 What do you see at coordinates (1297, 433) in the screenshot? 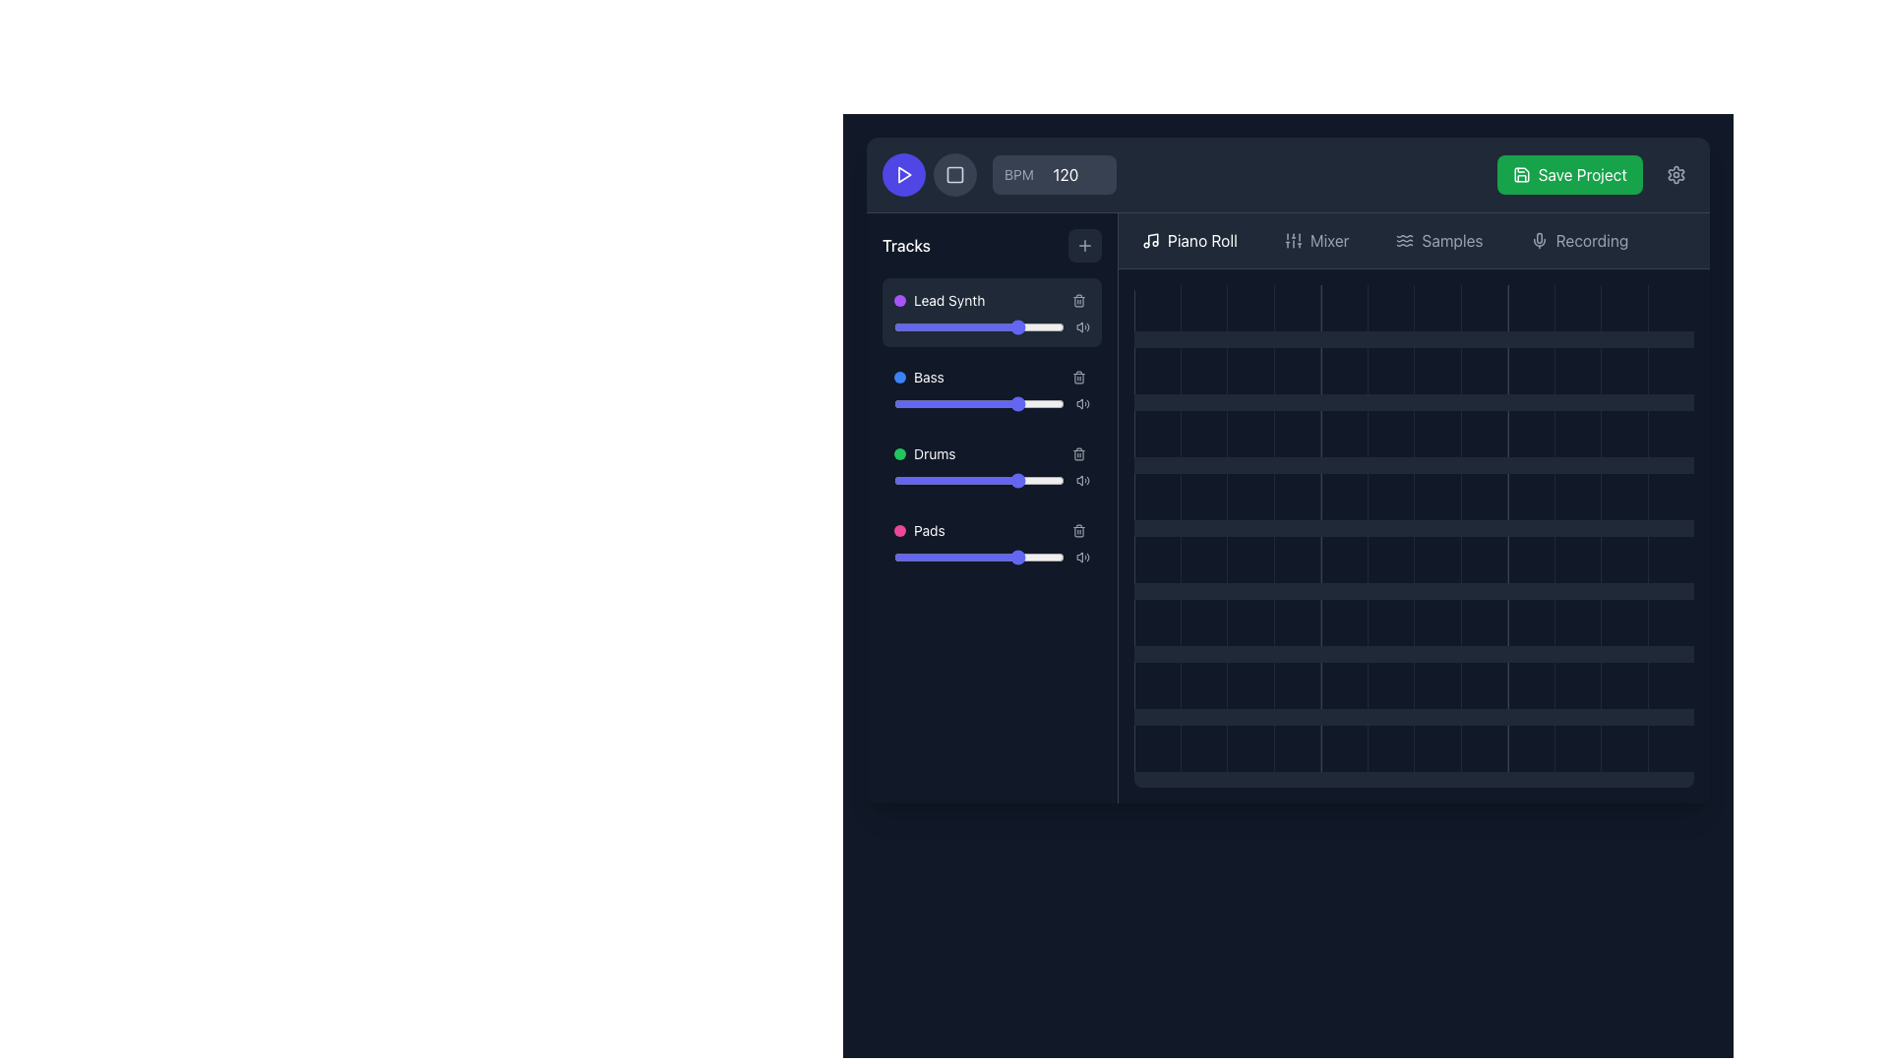
I see `the grid cell located in the fourth column and third row of the 12-column grid, which is used for interaction in a time-sequencing interface` at bounding box center [1297, 433].